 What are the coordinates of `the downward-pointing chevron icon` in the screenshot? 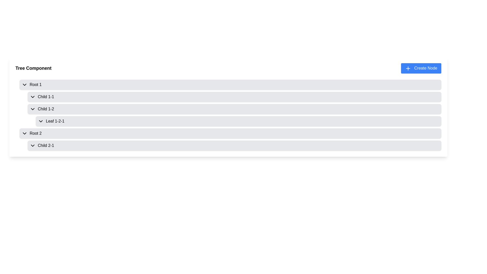 It's located at (24, 133).